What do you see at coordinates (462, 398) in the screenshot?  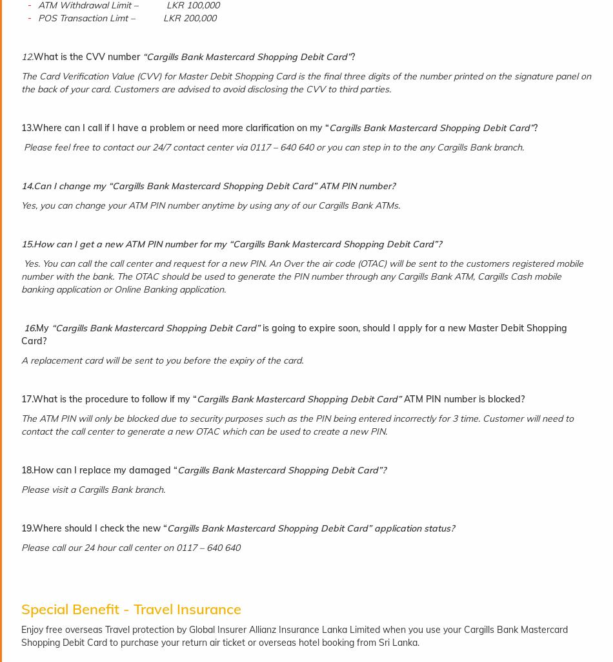 I see `'ATM PIN number is blocked?'` at bounding box center [462, 398].